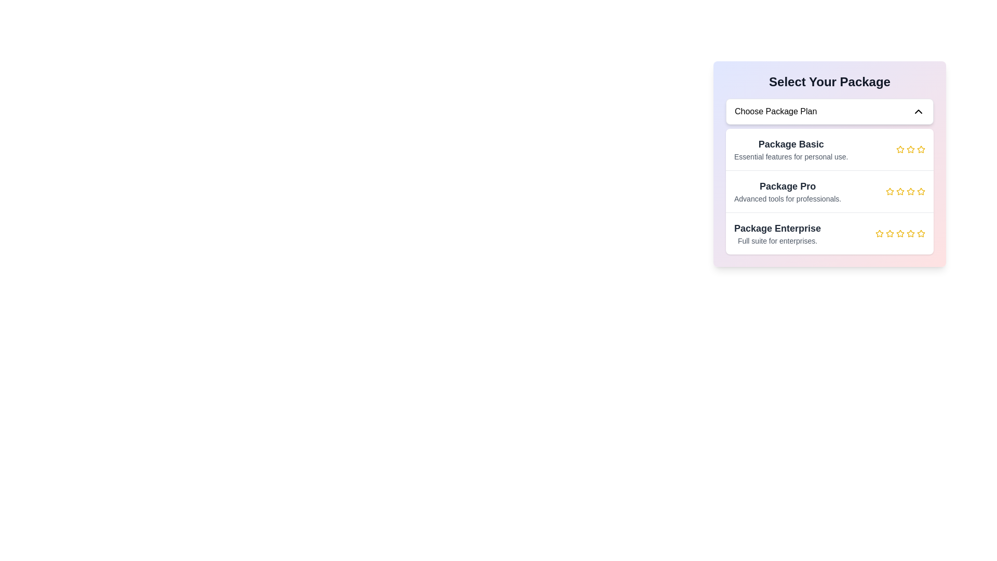 This screenshot has height=561, width=997. What do you see at coordinates (910, 191) in the screenshot?
I see `the second Rating Star Icon in the 'Package Pro' section to assign a rating` at bounding box center [910, 191].